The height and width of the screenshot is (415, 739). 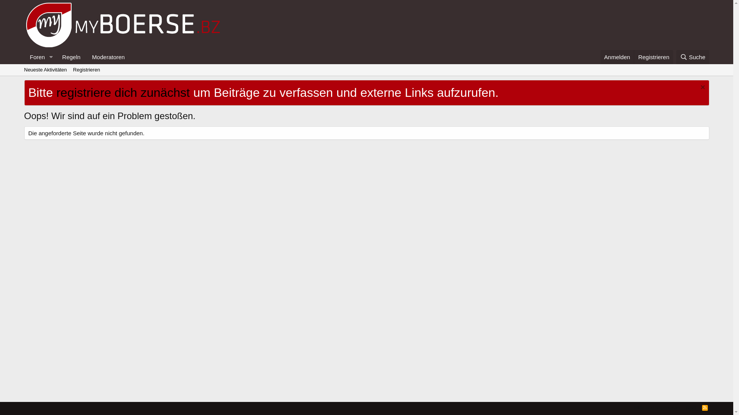 I want to click on 'RSS', so click(x=705, y=407).